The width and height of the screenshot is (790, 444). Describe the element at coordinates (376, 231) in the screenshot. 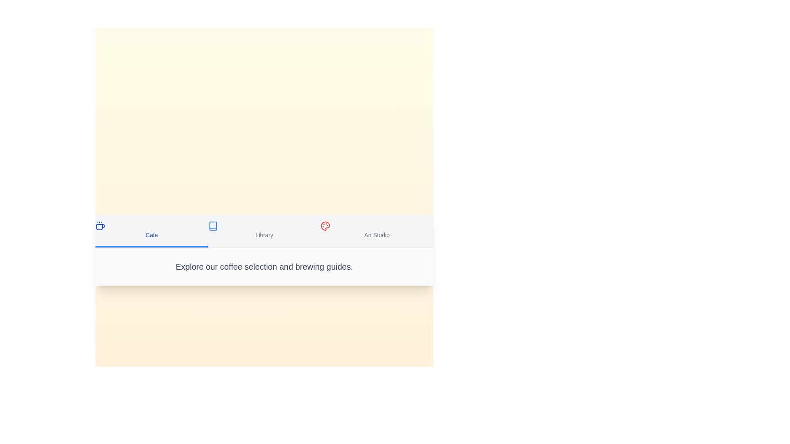

I see `the Art Studio tab` at that location.